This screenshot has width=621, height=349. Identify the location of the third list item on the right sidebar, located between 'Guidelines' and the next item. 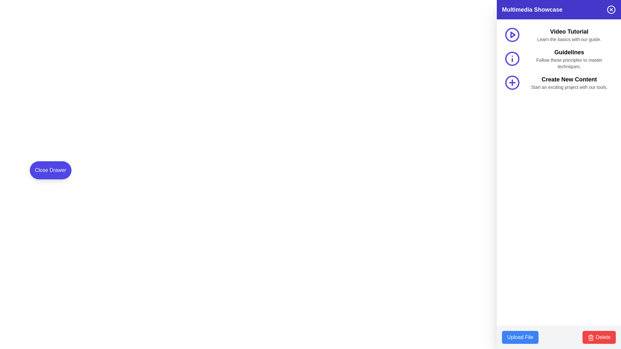
(559, 82).